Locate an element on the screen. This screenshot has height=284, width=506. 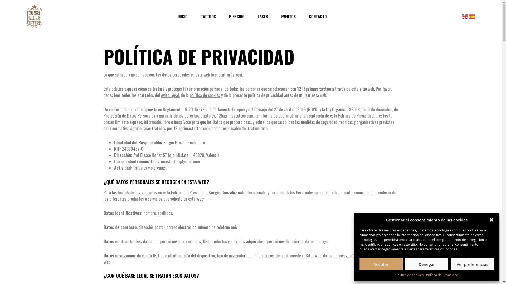
'LASER' is located at coordinates (263, 16).